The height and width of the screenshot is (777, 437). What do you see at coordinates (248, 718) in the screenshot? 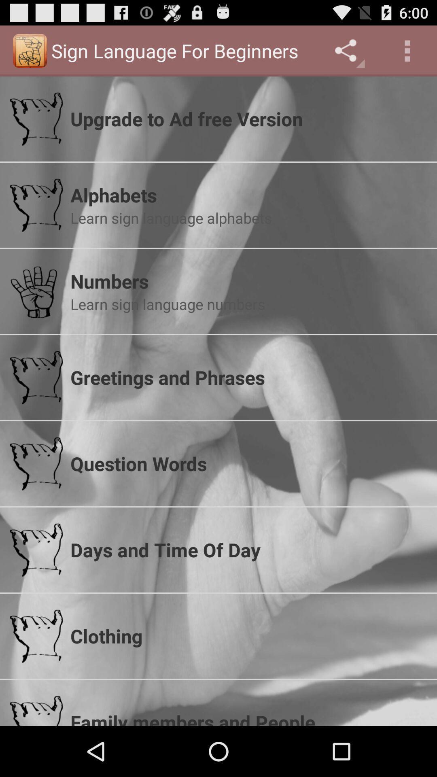
I see `the family members and item` at bounding box center [248, 718].